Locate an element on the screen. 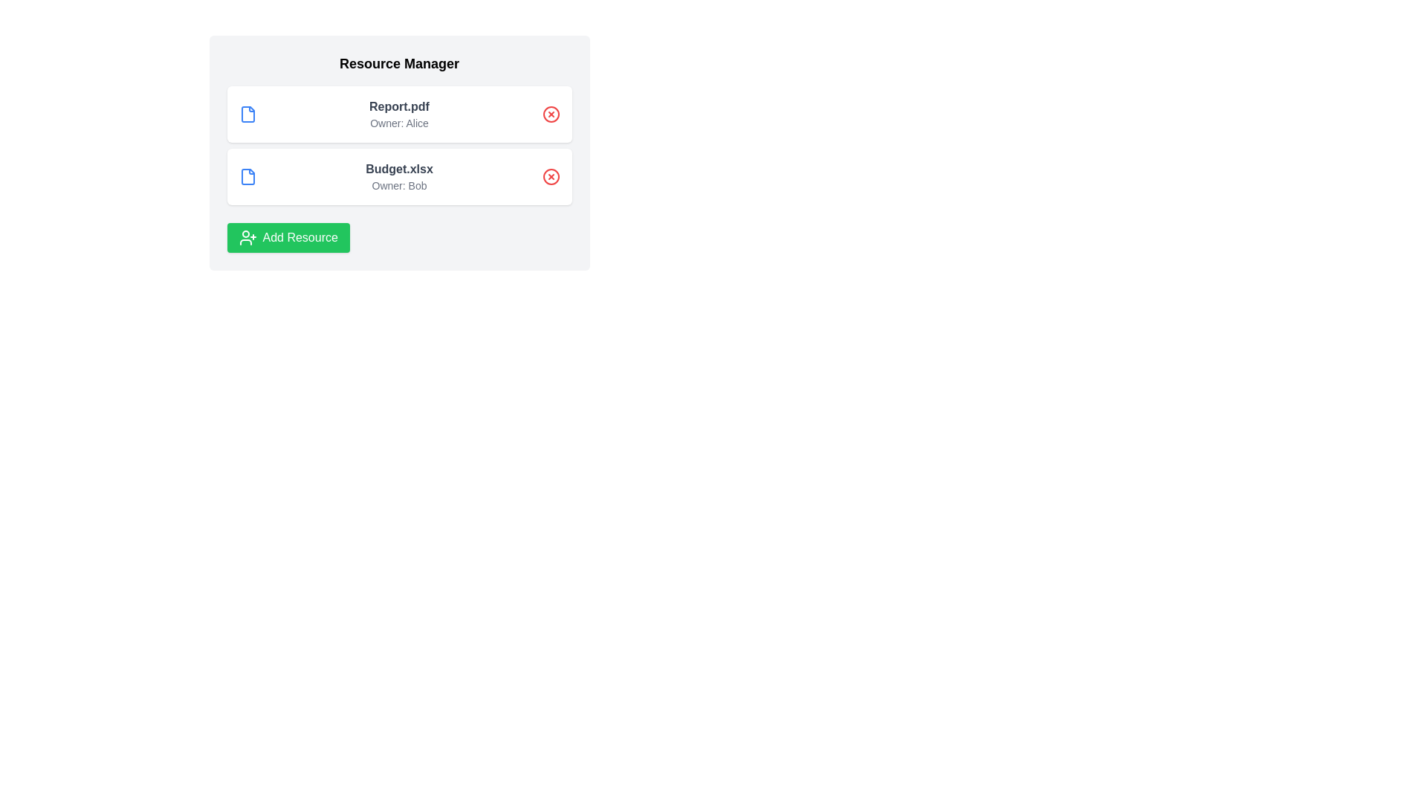 This screenshot has width=1427, height=803. the resource entry for Report.pdf to view its details is located at coordinates (399, 114).